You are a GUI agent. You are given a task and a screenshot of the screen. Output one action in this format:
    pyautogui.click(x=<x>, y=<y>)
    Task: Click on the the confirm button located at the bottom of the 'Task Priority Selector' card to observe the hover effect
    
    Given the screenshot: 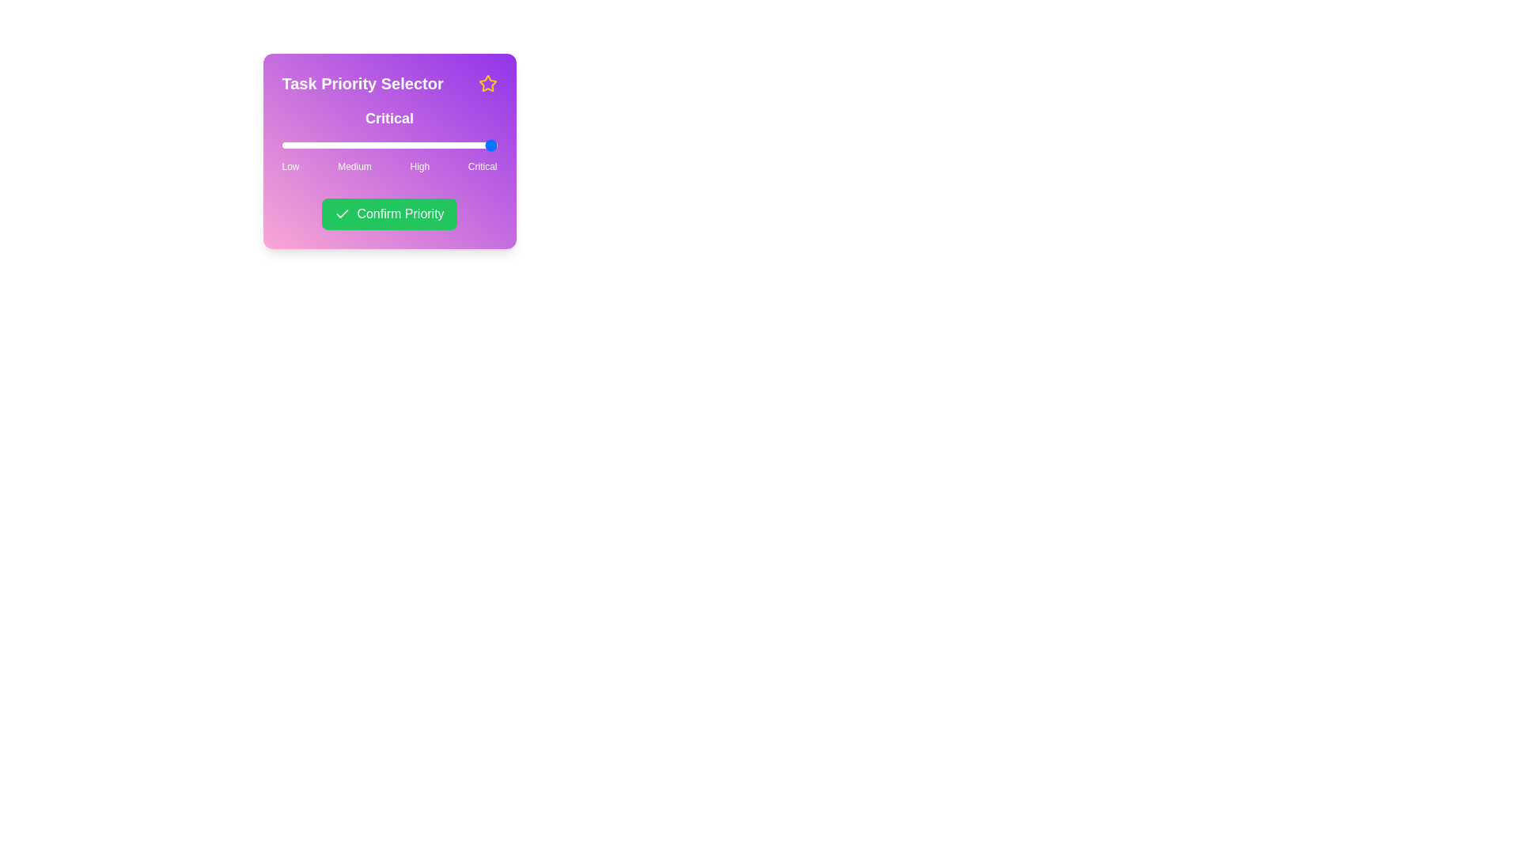 What is the action you would take?
    pyautogui.click(x=389, y=213)
    